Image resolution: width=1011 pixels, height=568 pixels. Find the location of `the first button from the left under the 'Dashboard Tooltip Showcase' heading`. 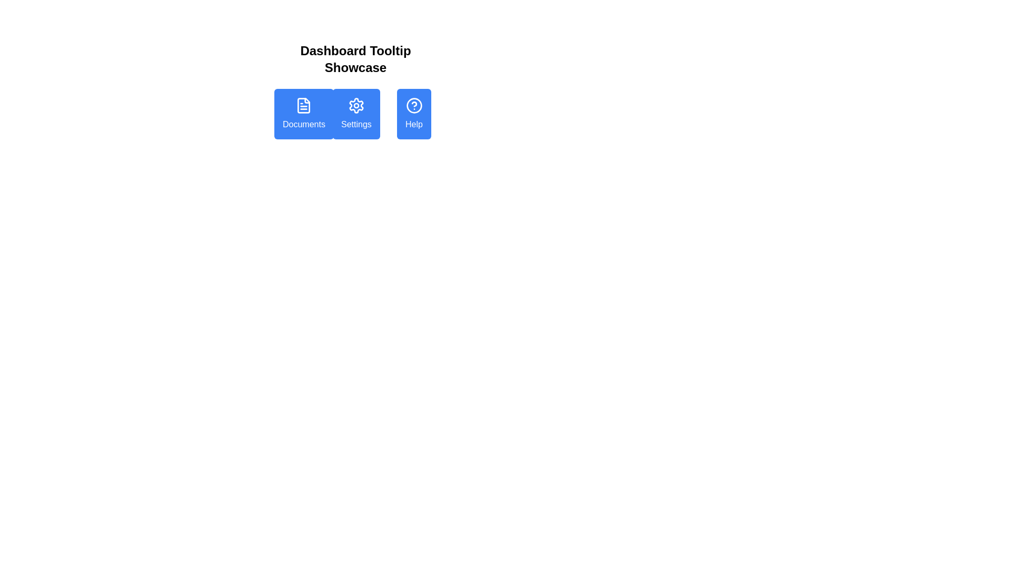

the first button from the left under the 'Dashboard Tooltip Showcase' heading is located at coordinates (296, 114).